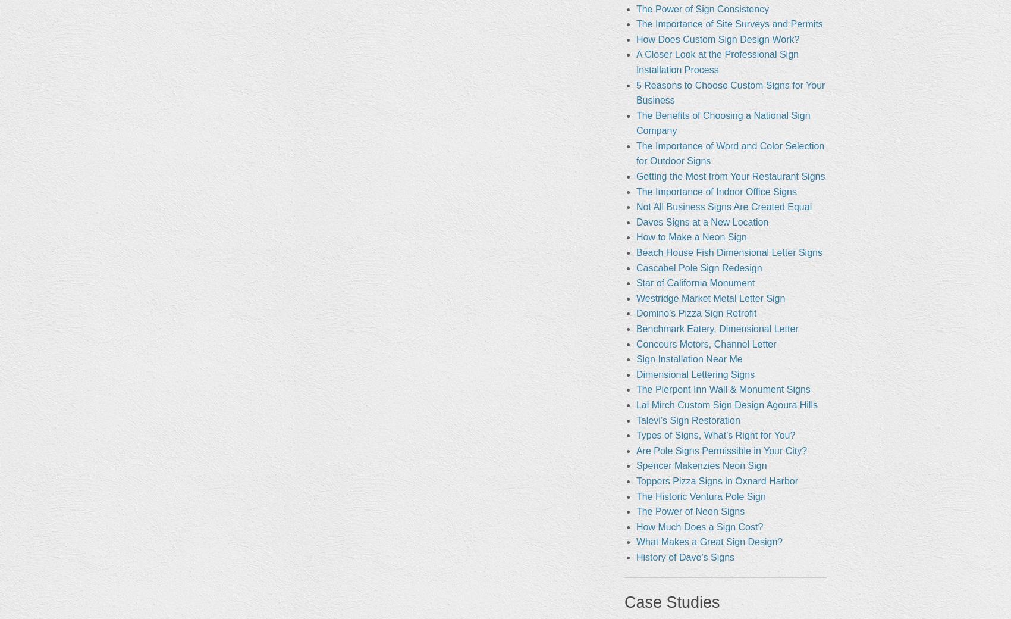  Describe the element at coordinates (635, 511) in the screenshot. I see `'The Power of Neon Signs'` at that location.